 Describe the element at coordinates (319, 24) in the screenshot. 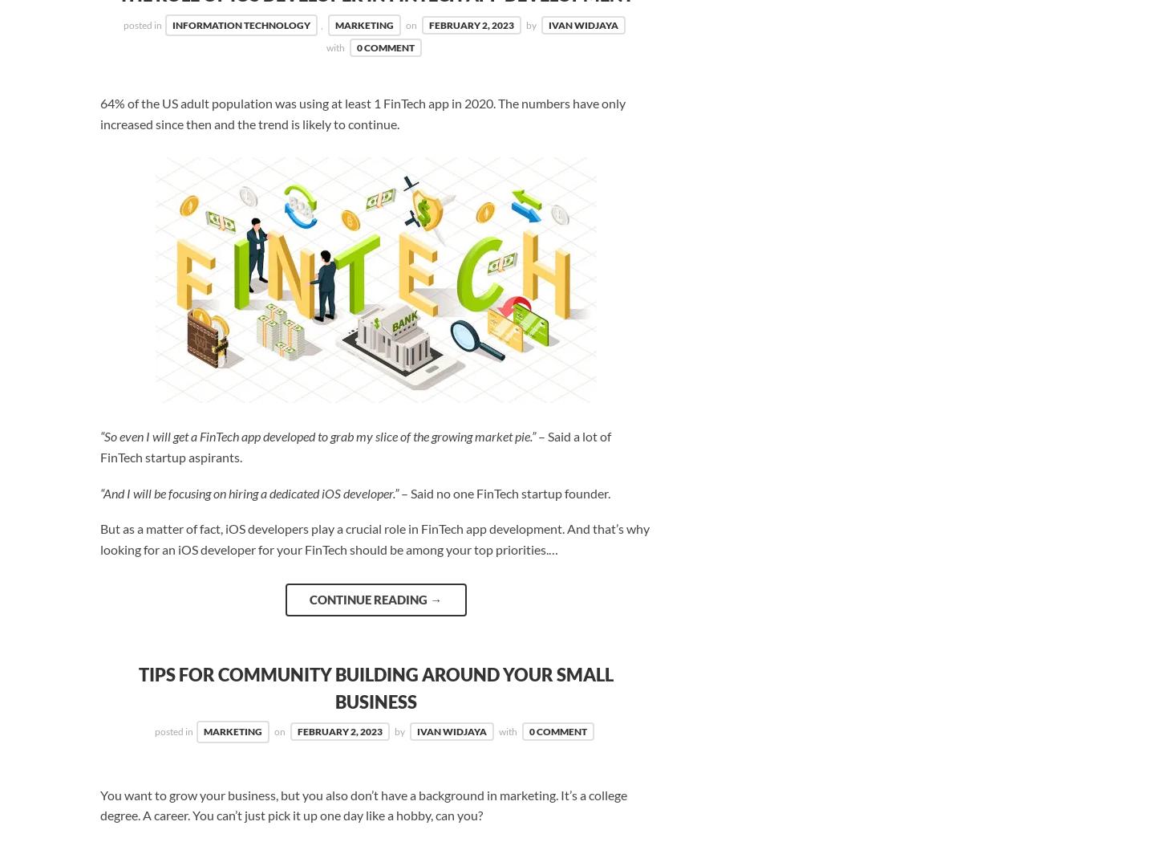

I see `','` at that location.